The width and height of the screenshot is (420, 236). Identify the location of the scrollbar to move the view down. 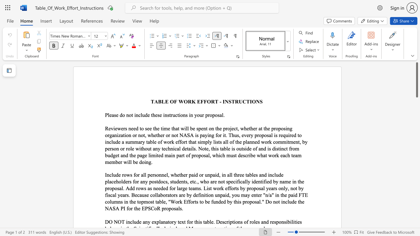
(416, 190).